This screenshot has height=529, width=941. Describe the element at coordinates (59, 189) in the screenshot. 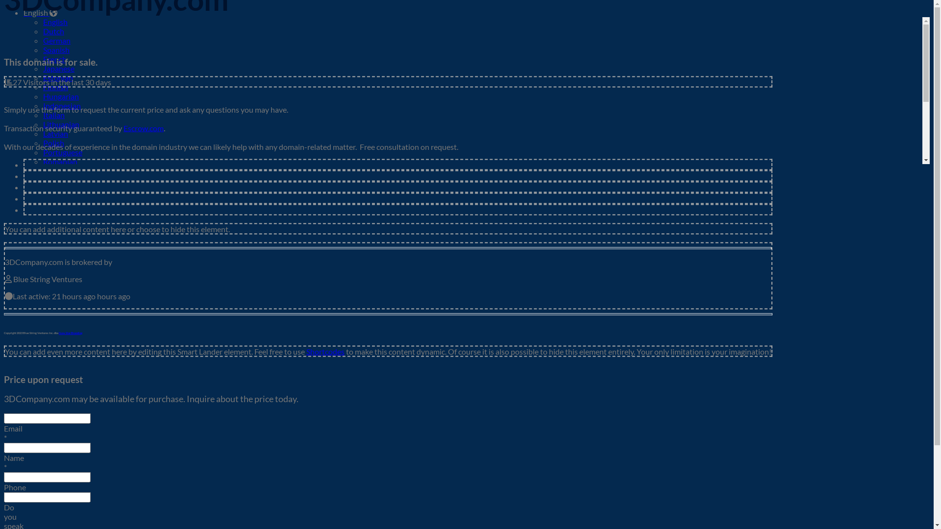

I see `'Slovenian'` at that location.